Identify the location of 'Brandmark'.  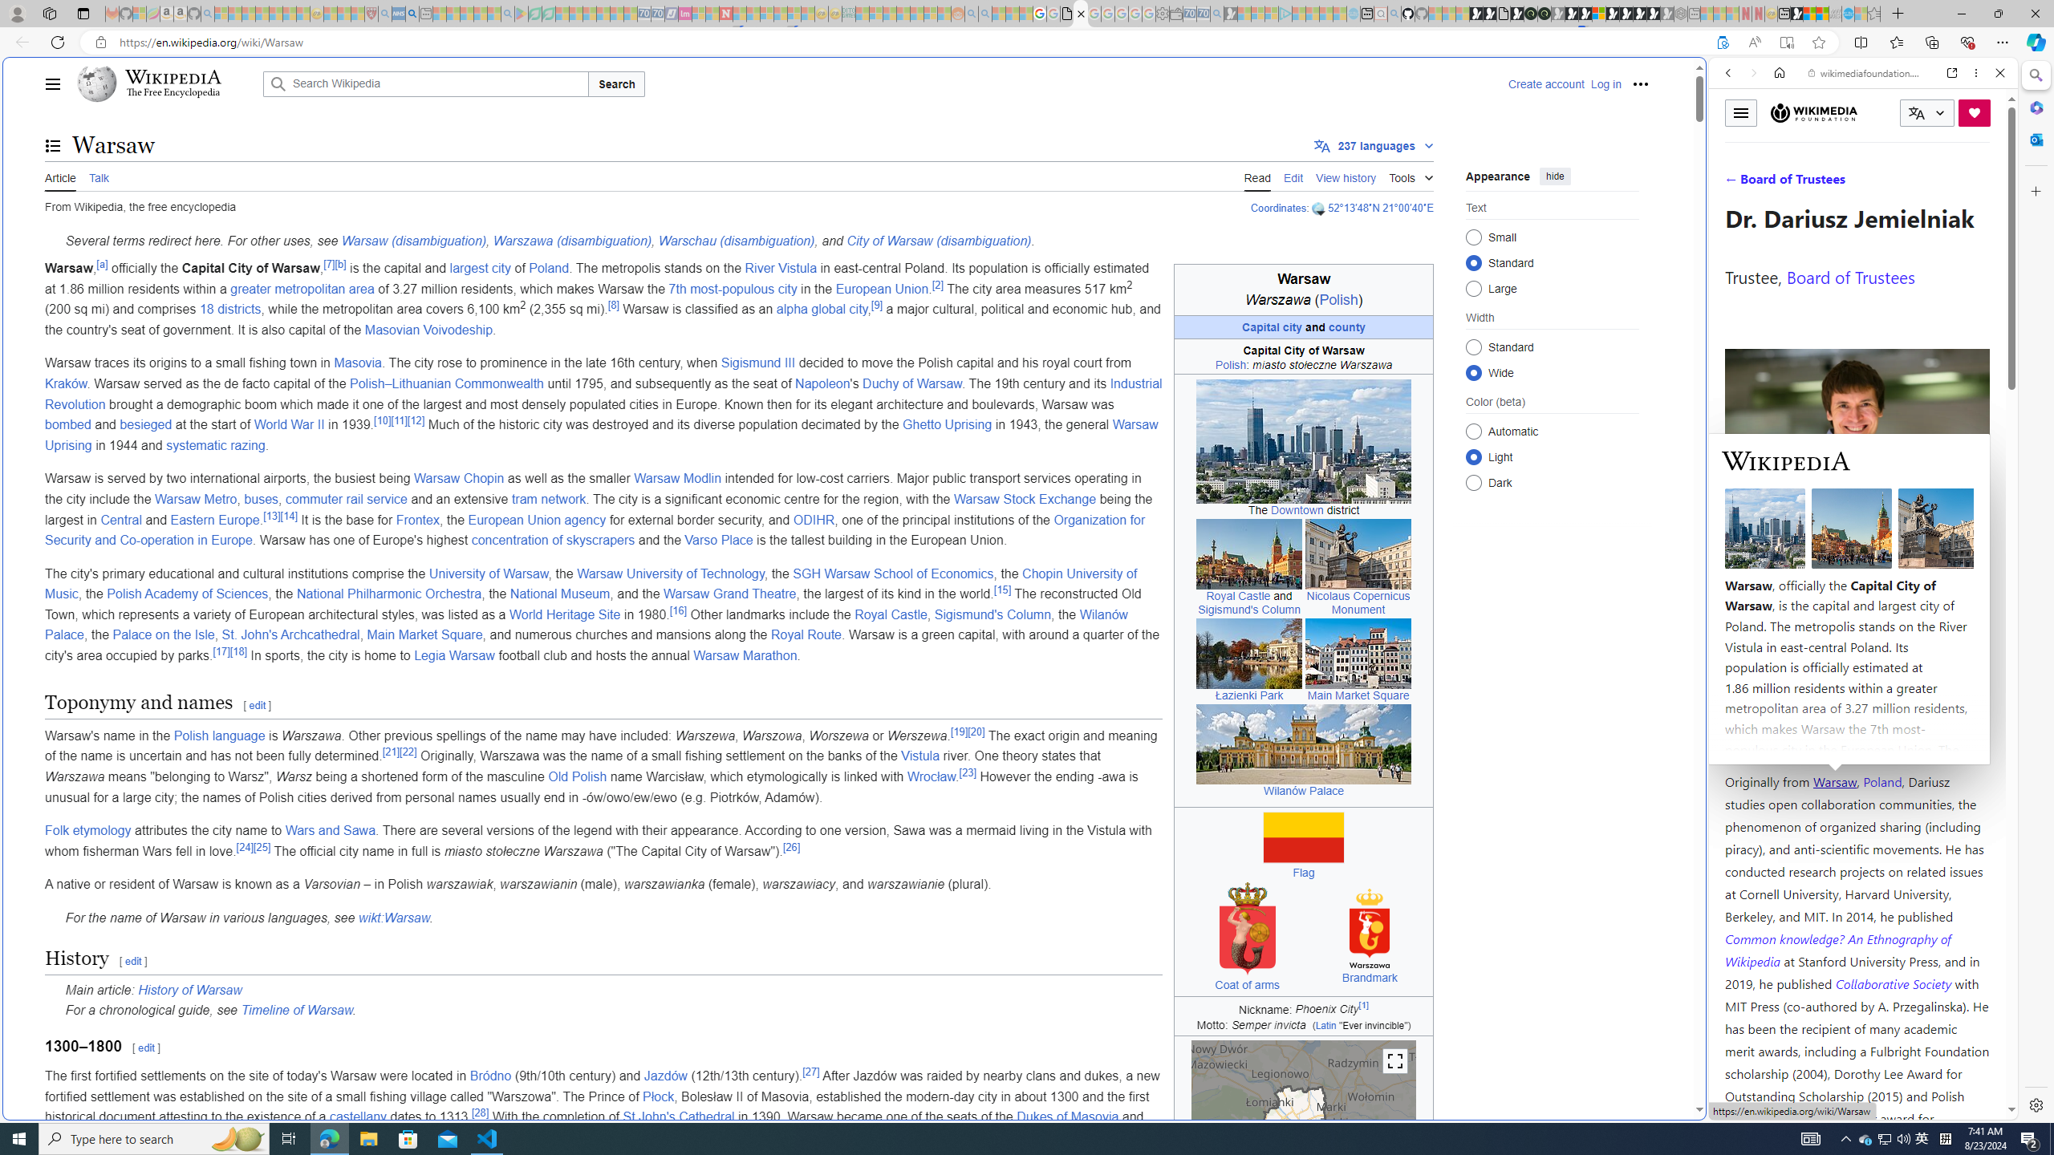
(1368, 977).